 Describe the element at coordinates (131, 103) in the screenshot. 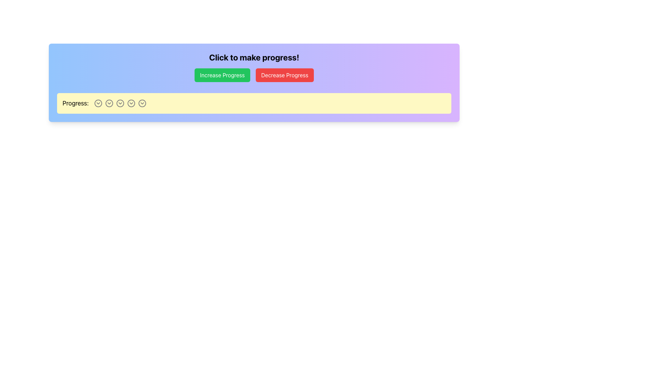

I see `the fifth circular icon with an overlayed chevron, which serves as an indicator or button for selecting or representing a specific progress state` at that location.